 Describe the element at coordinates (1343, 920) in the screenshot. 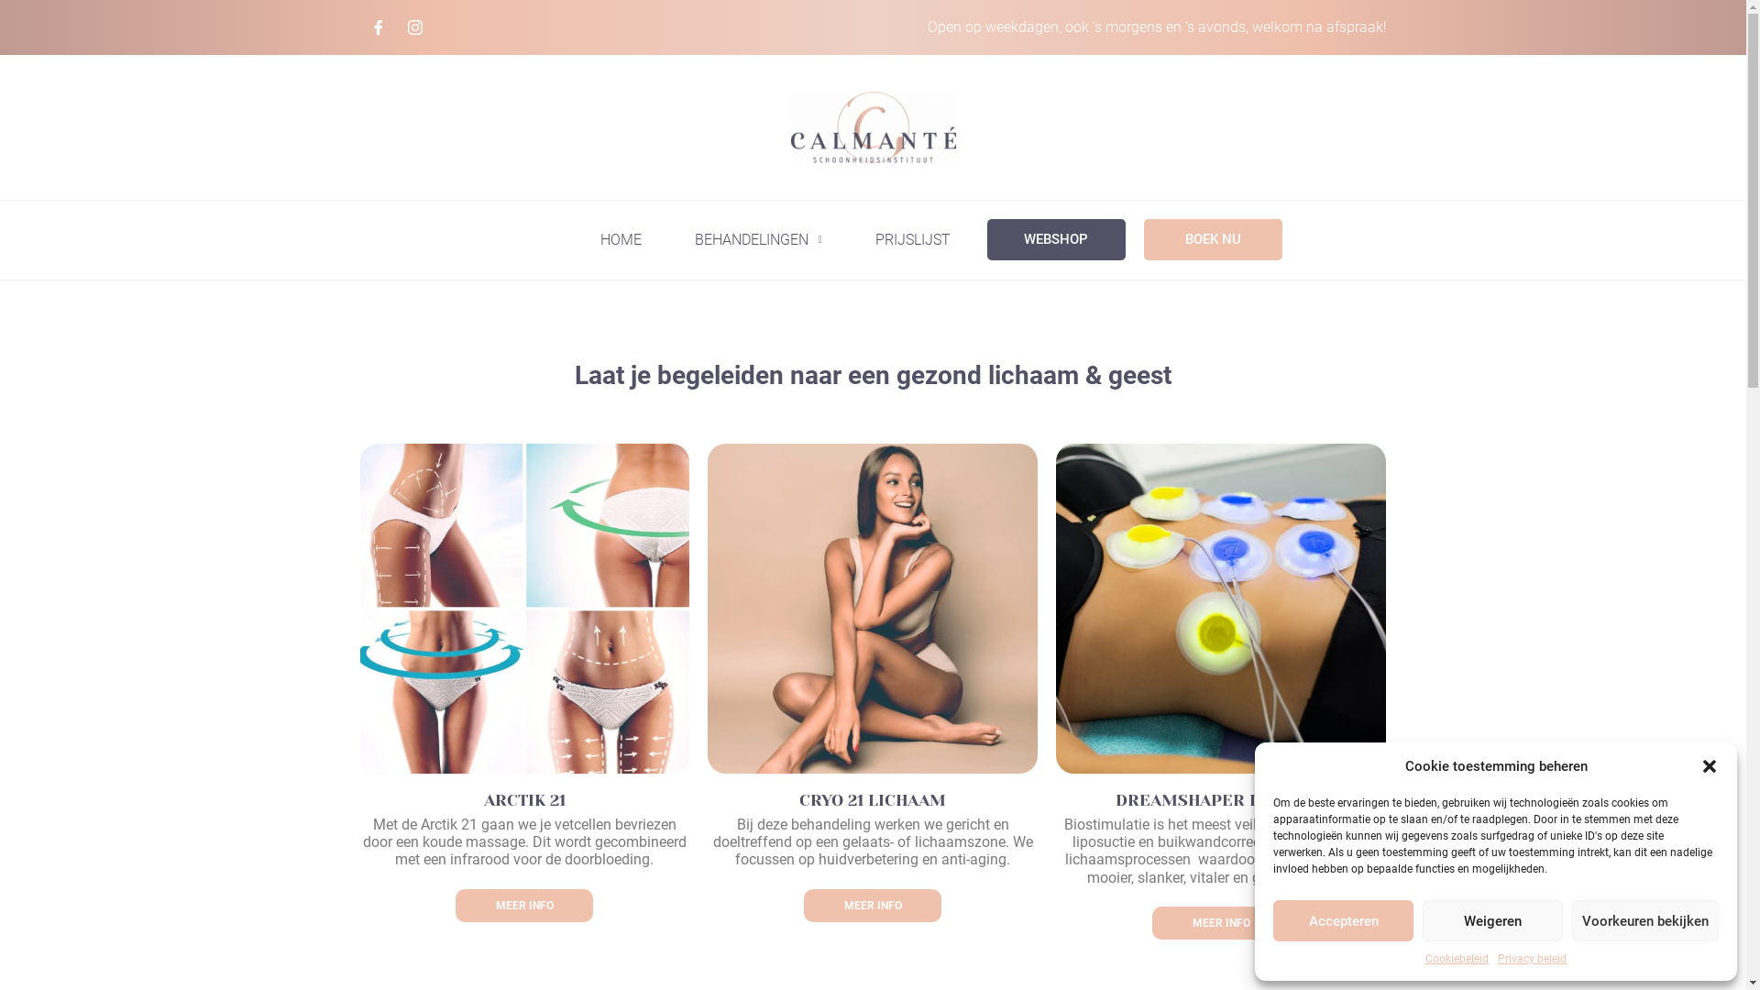

I see `'Accepteren'` at that location.